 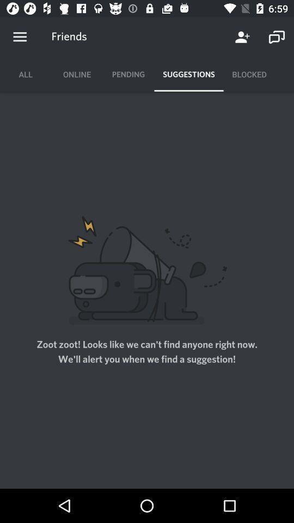 I want to click on the item to the left of friends, so click(x=20, y=37).